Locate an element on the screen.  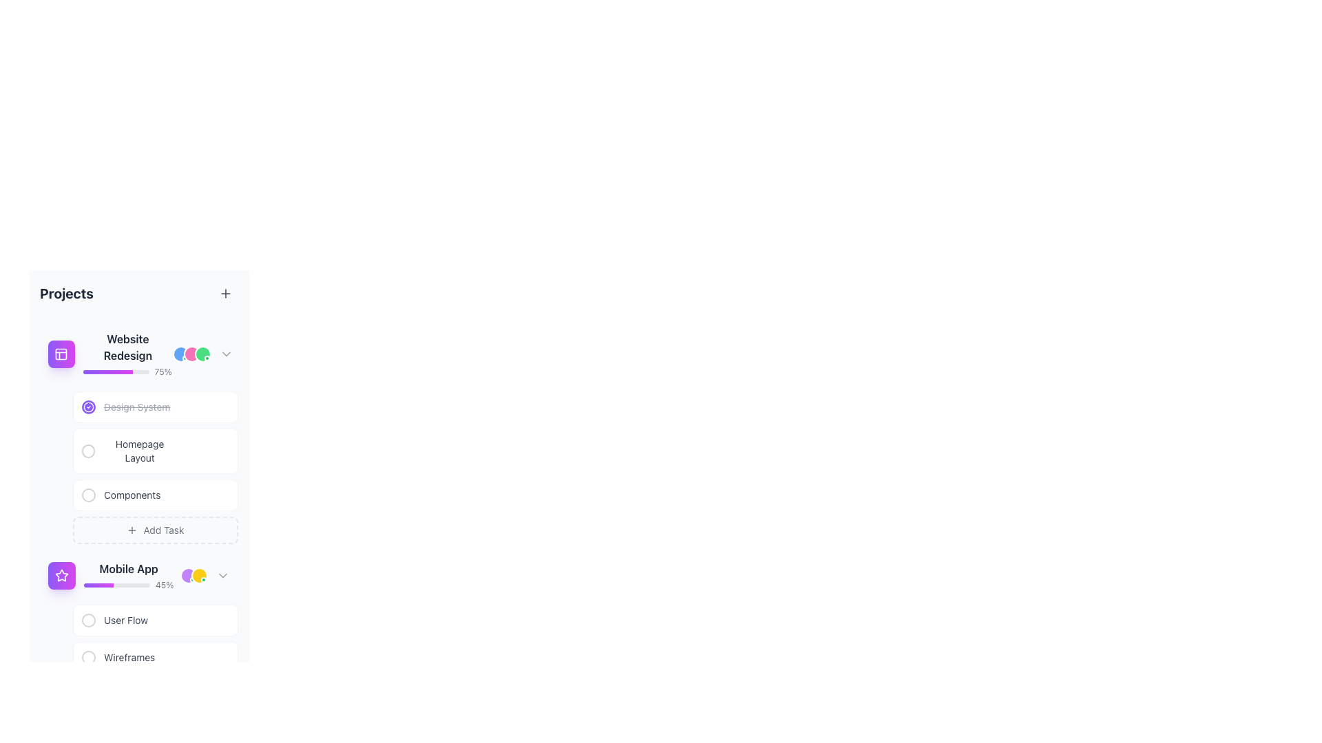
the third circular decorative icon with a pink background, located in a horizontal row of icons, positioned between a blue icon and a green icon adjacent to the 'Website Redesign' section is located at coordinates (191, 354).